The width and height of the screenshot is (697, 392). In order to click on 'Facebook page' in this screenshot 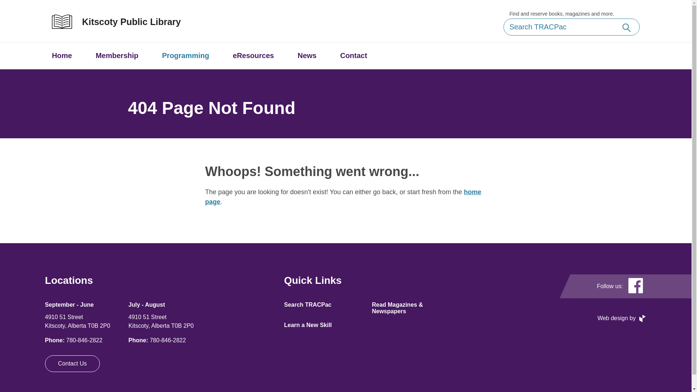, I will do `click(635, 286)`.